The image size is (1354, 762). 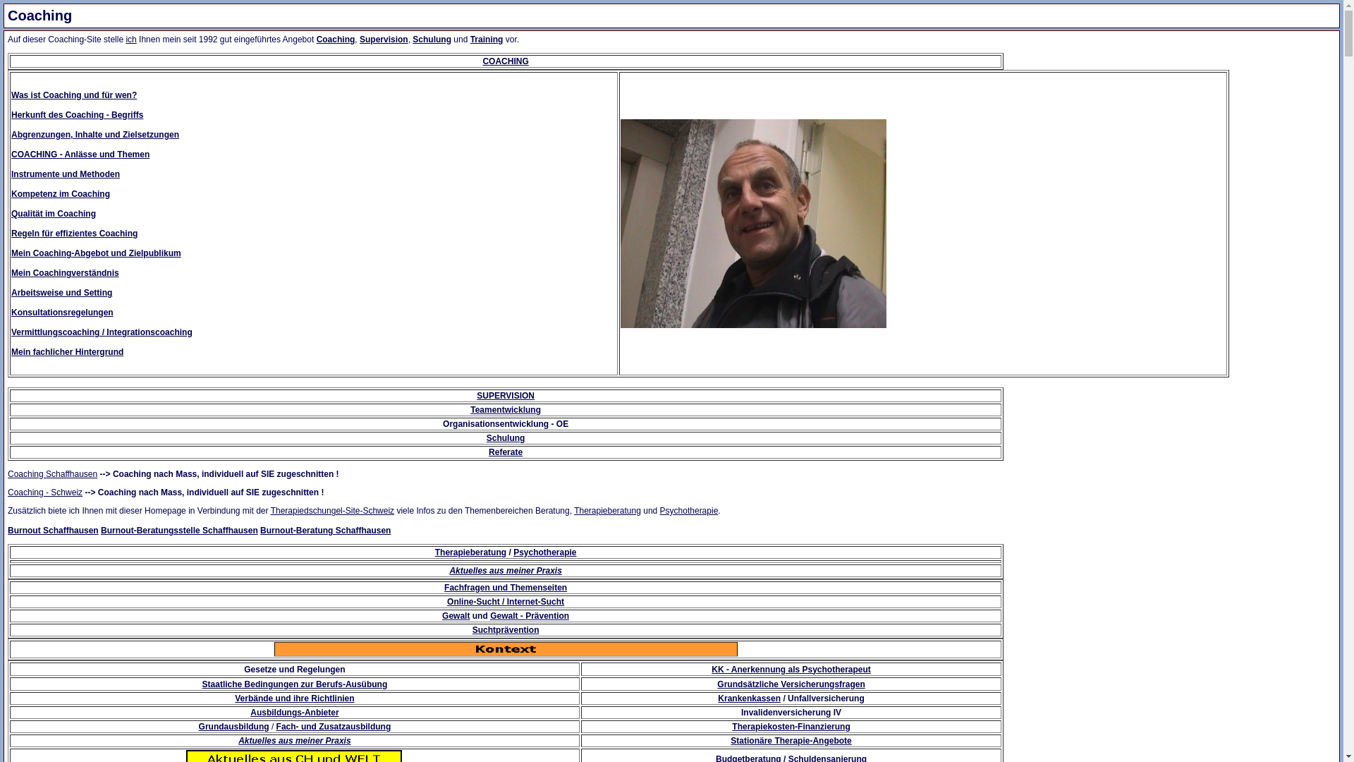 What do you see at coordinates (11, 292) in the screenshot?
I see `'Arbeitsweise und Setting'` at bounding box center [11, 292].